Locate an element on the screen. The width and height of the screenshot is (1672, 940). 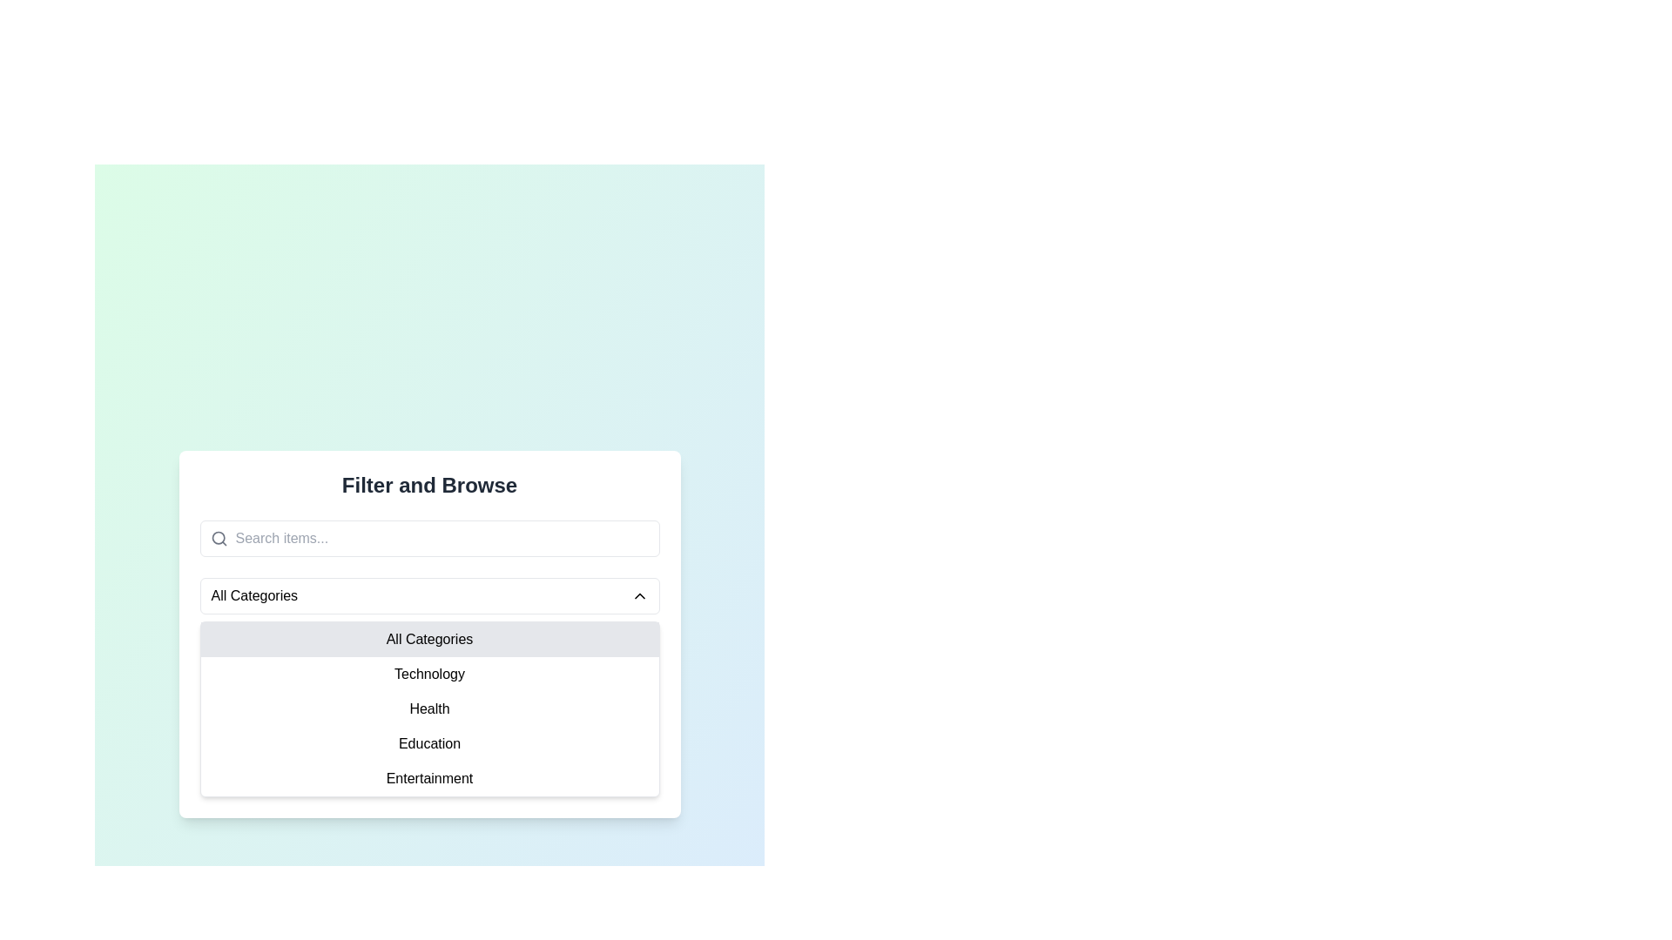
the 'Technology' menu item in the dropdown list is located at coordinates (429, 674).